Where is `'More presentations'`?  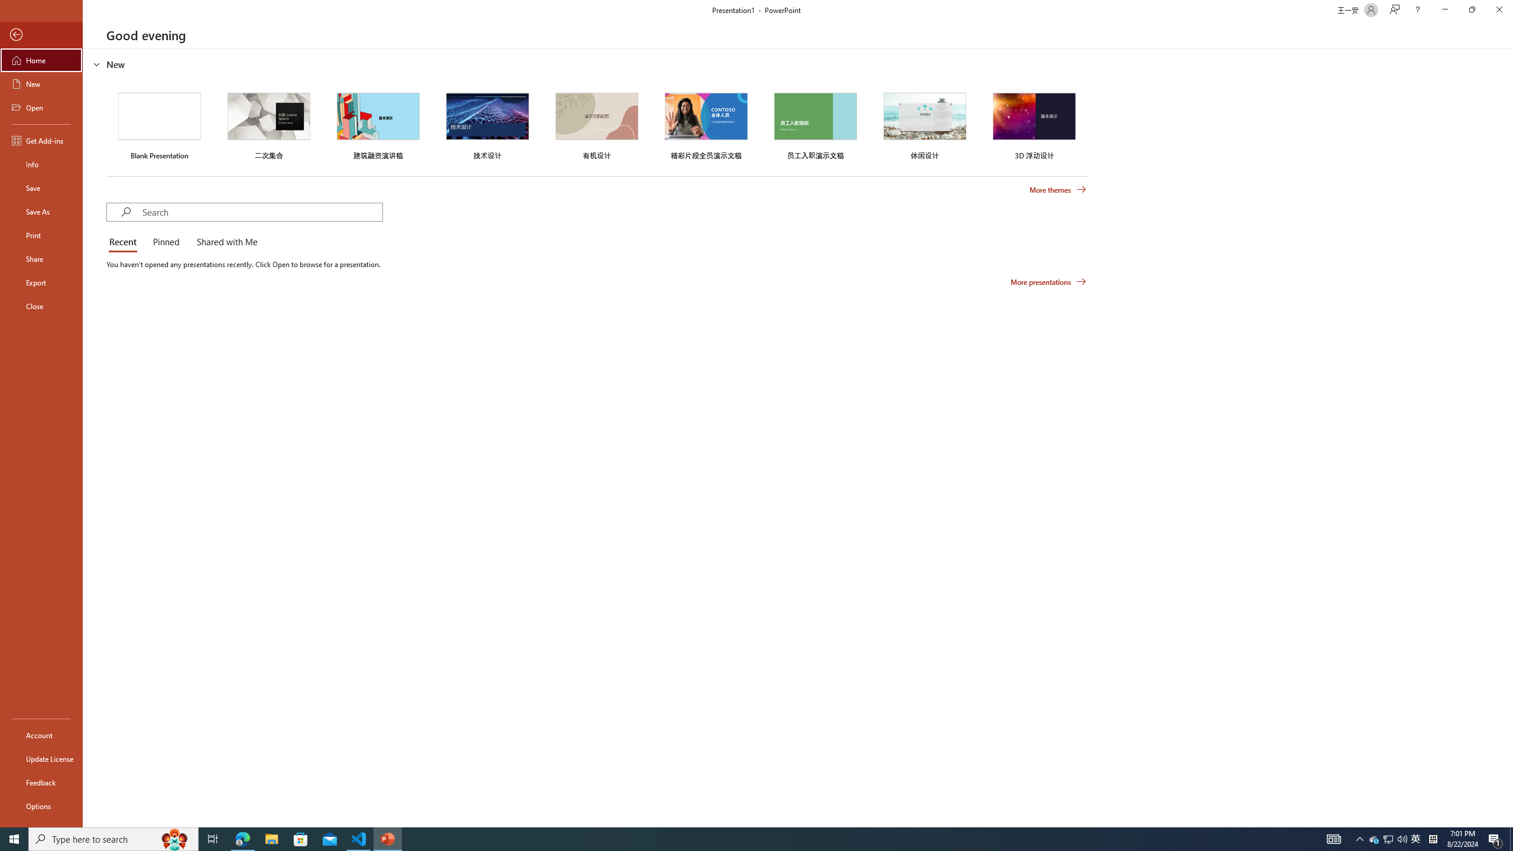
'More presentations' is located at coordinates (1048, 281).